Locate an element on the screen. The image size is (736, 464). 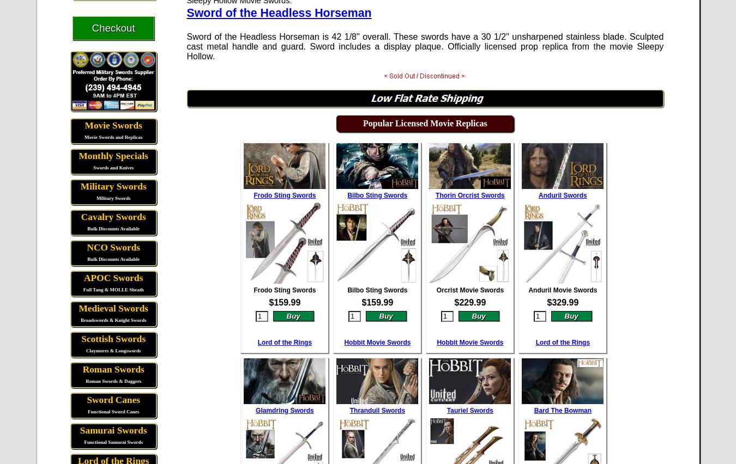
'Movie Swords' is located at coordinates (113, 125).